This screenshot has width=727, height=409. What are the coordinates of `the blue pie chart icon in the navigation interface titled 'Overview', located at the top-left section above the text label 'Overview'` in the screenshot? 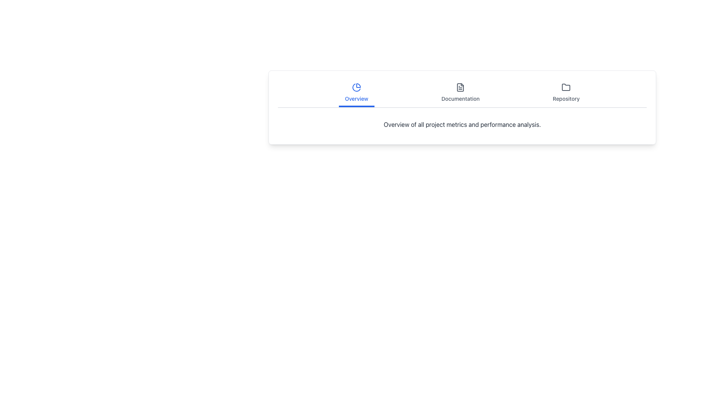 It's located at (356, 87).